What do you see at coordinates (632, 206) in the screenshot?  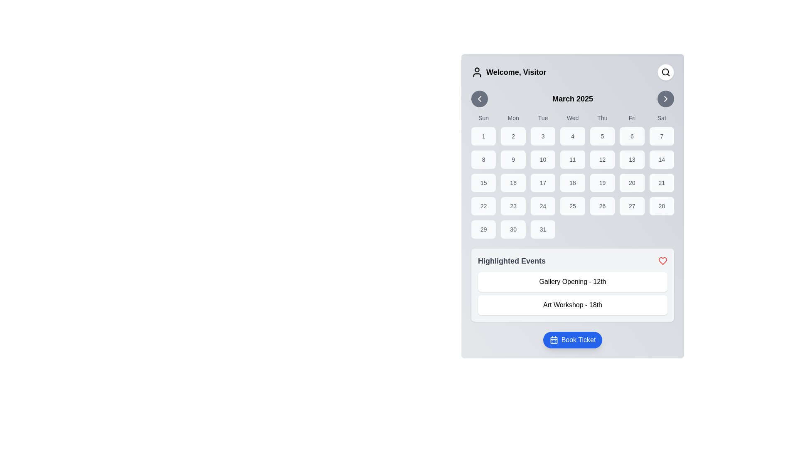 I see `the calendar button representing the 27th day of the month, located in the fifth row and sixth column under the 'Fri' header` at bounding box center [632, 206].